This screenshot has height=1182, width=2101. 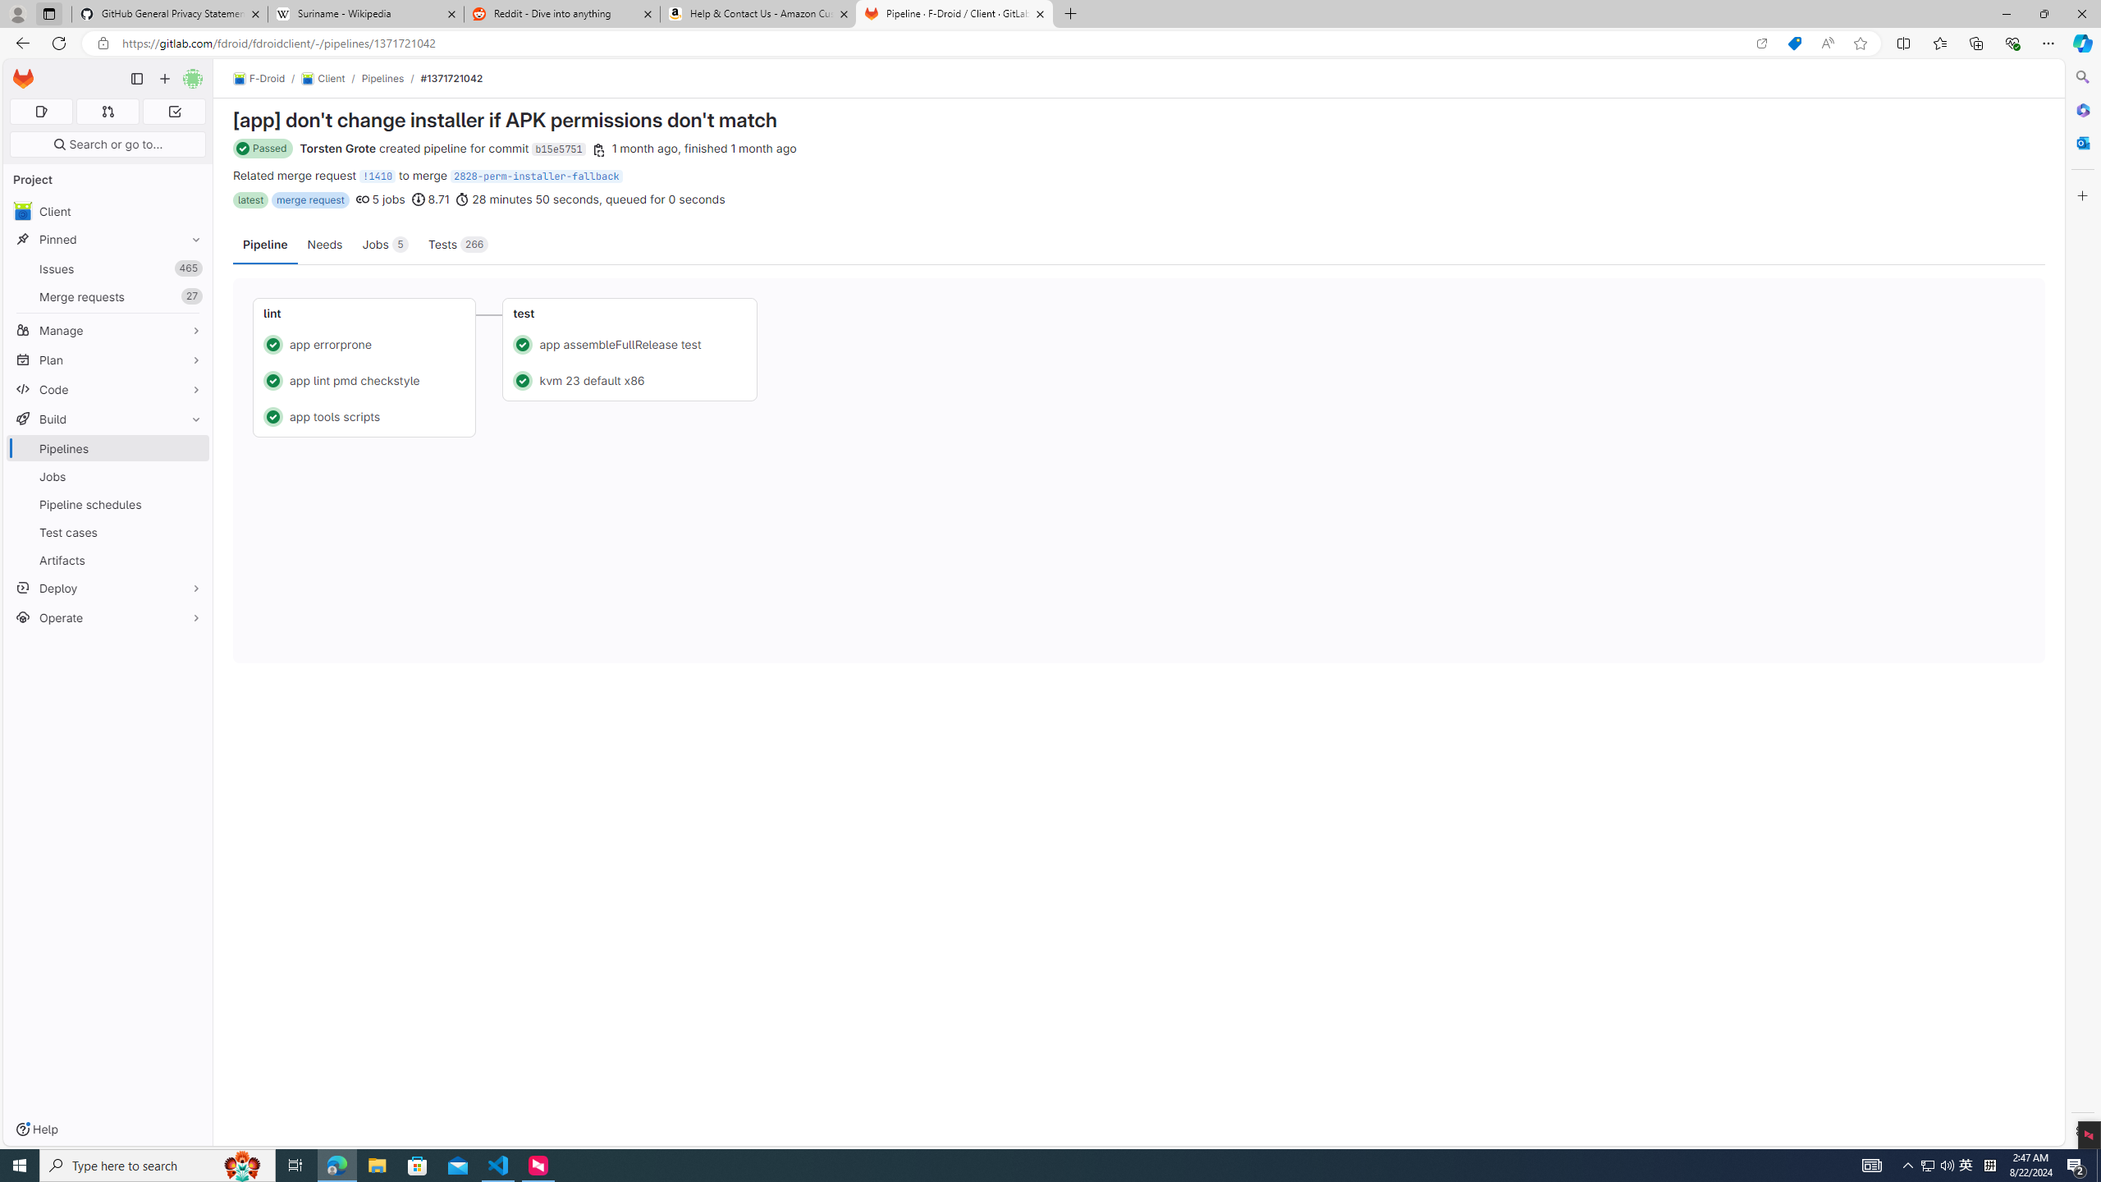 What do you see at coordinates (259, 78) in the screenshot?
I see `'F-Droid'` at bounding box center [259, 78].